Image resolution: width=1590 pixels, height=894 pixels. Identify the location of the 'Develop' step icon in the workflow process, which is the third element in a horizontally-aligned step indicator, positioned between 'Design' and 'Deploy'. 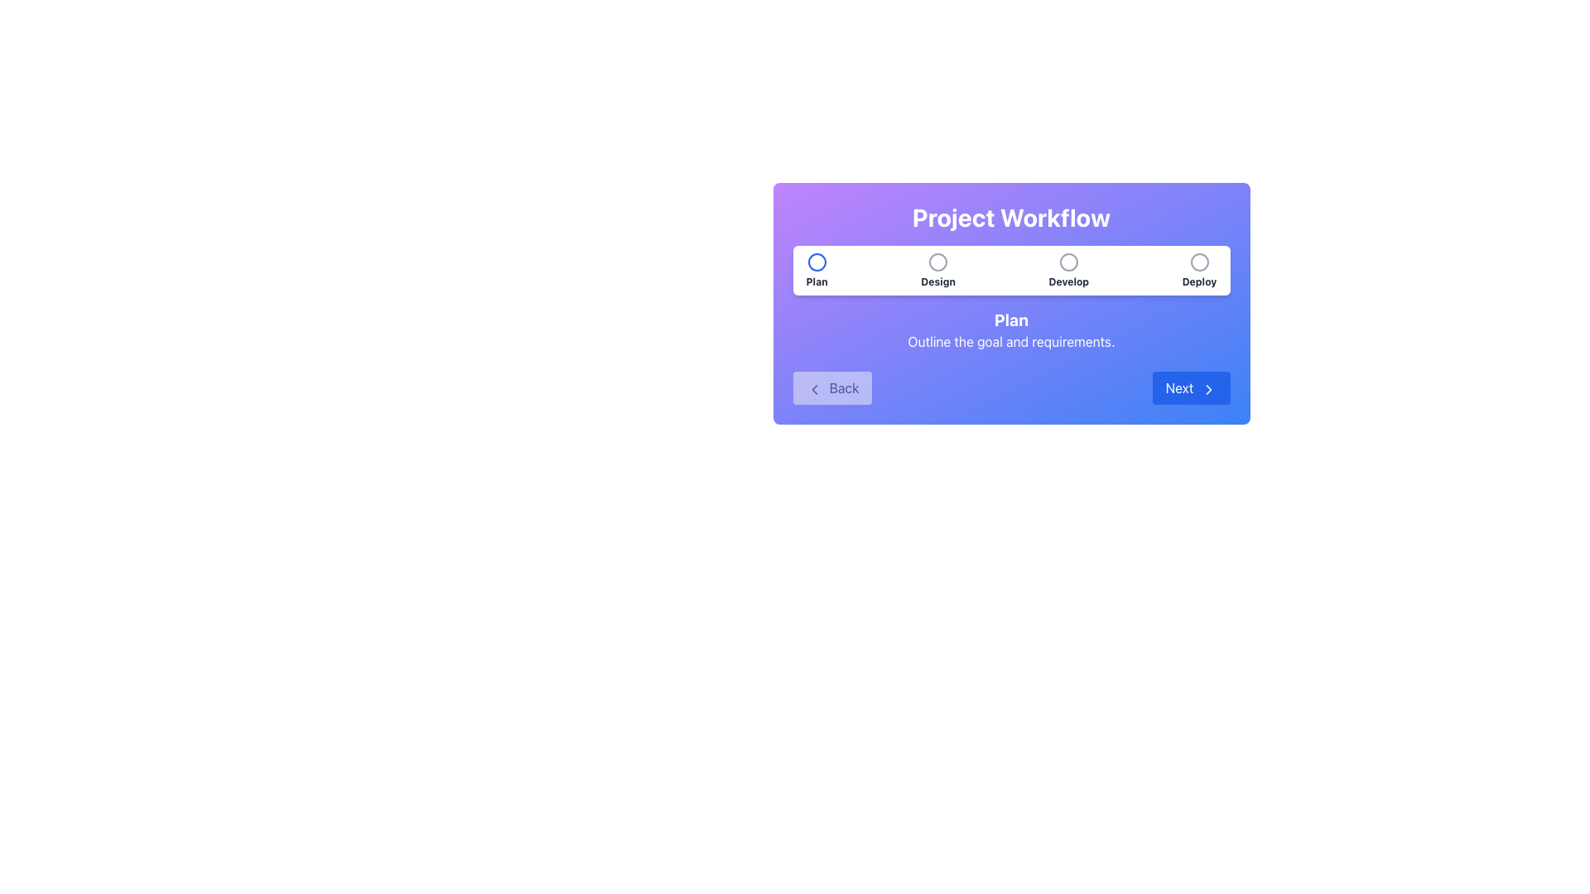
(1068, 270).